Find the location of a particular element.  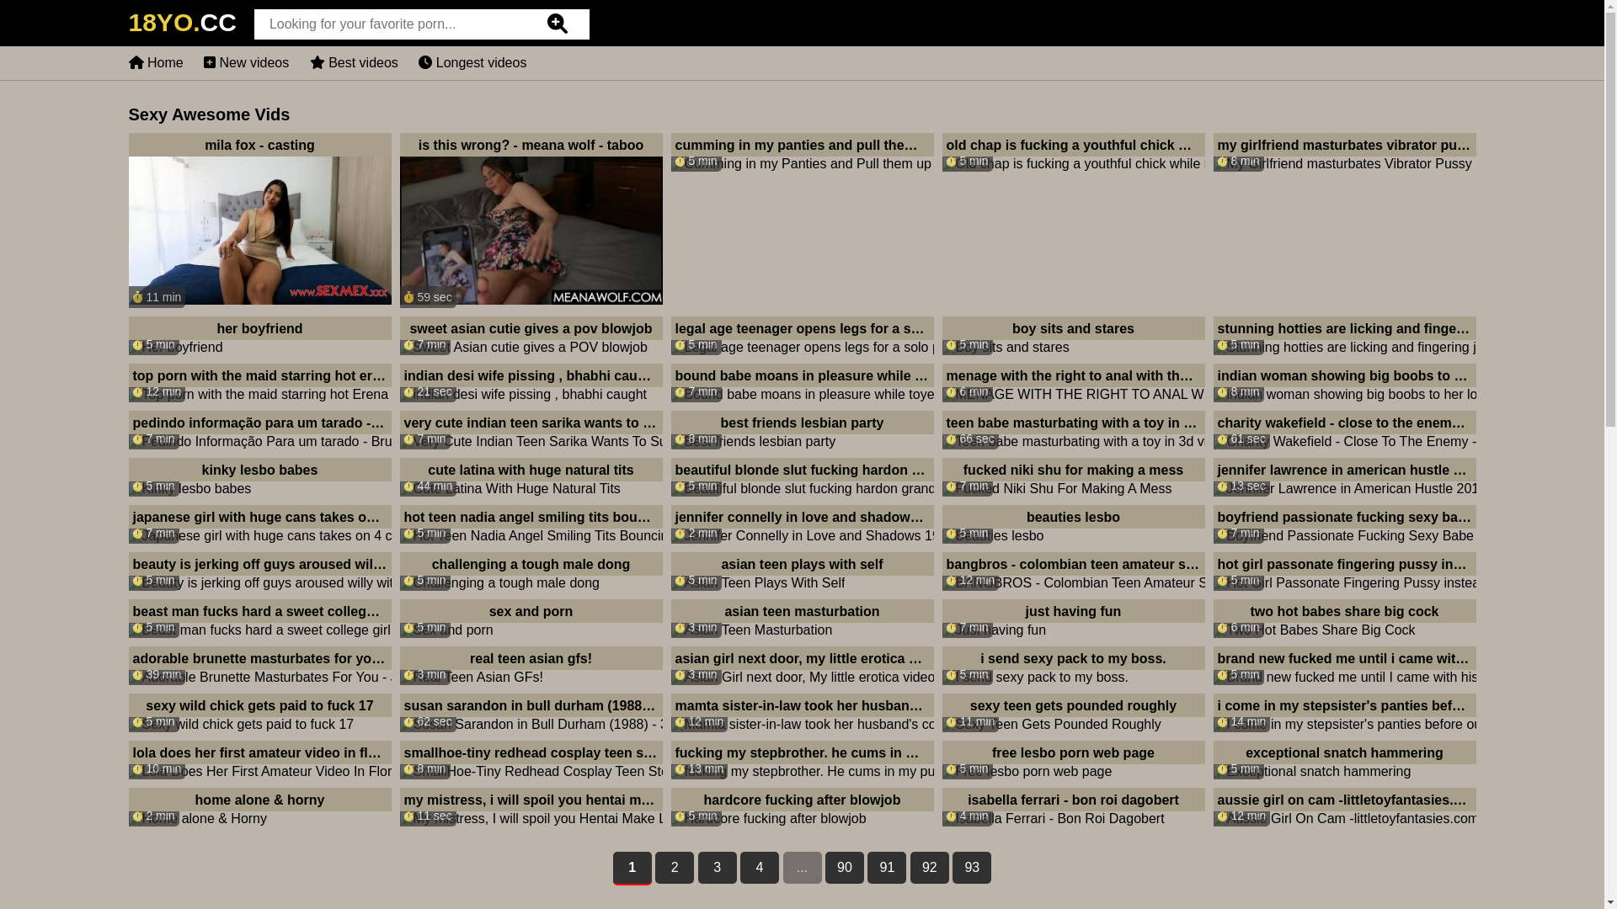

'3 min is located at coordinates (529, 664).